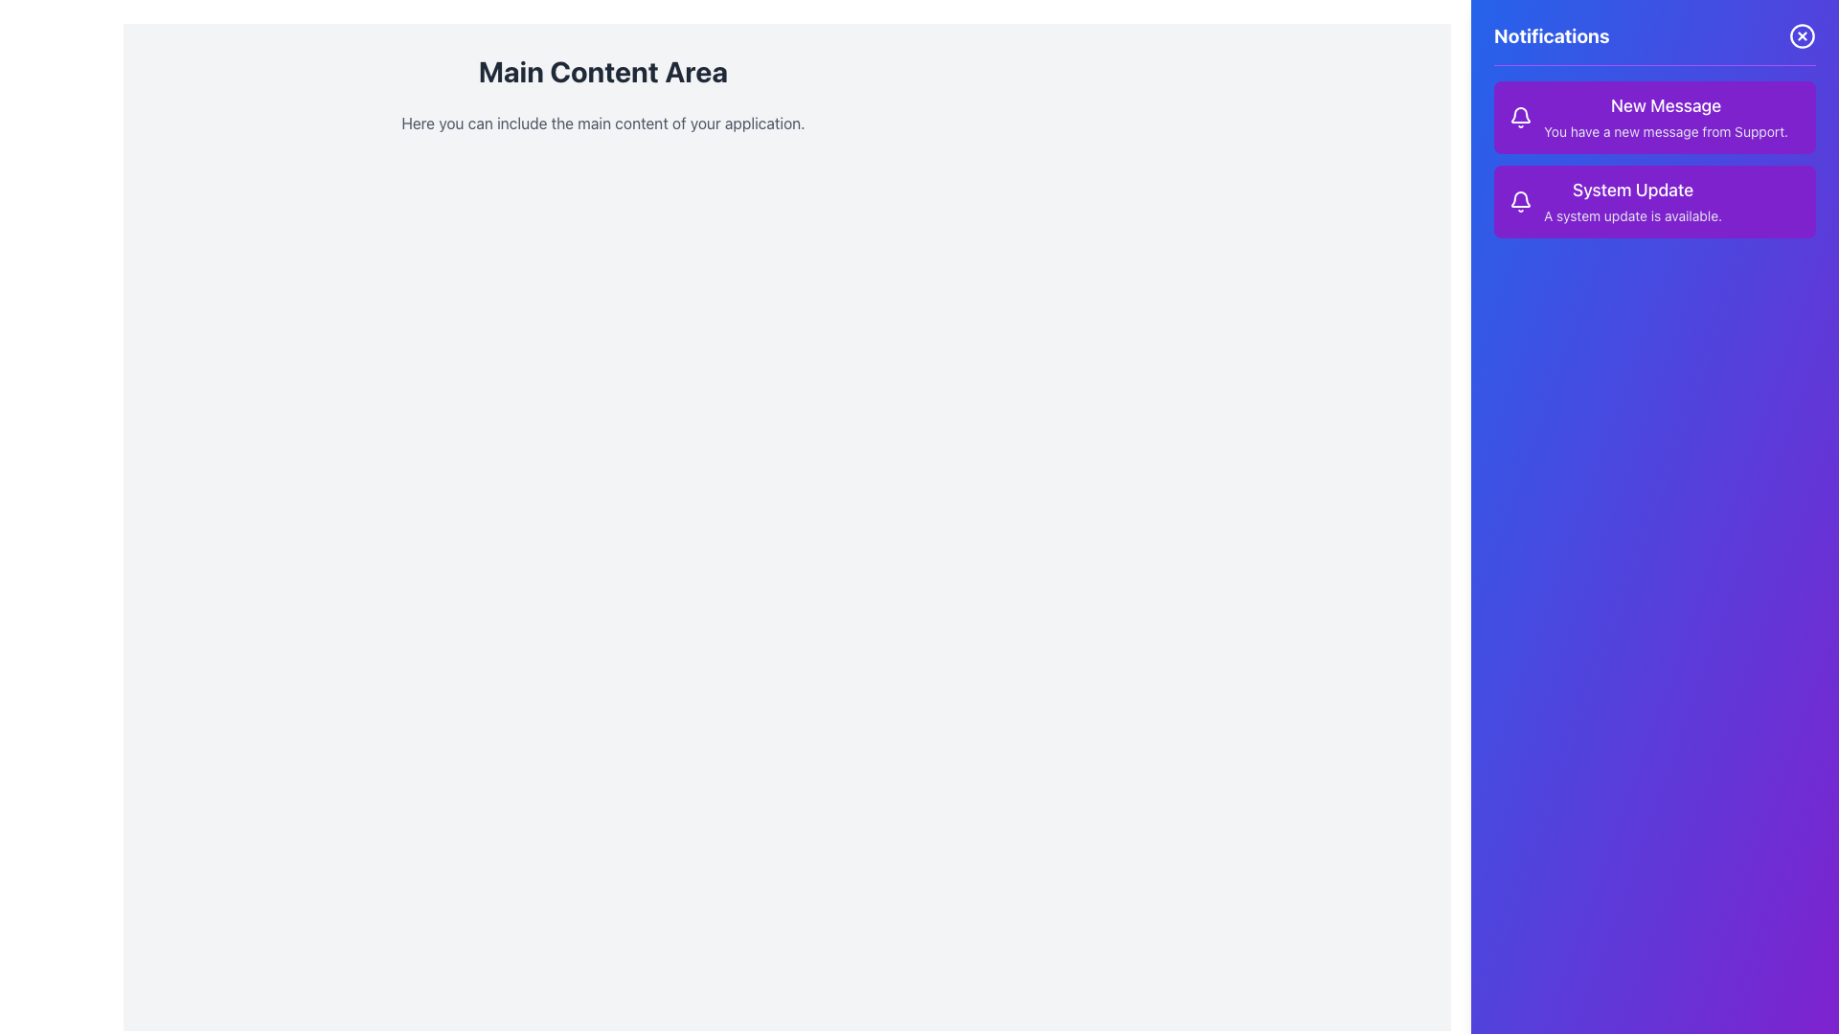 Image resolution: width=1839 pixels, height=1034 pixels. I want to click on the text element that provides notification content about a system update, located in the second notification card of the right-hand notifications panel, so click(1631, 202).